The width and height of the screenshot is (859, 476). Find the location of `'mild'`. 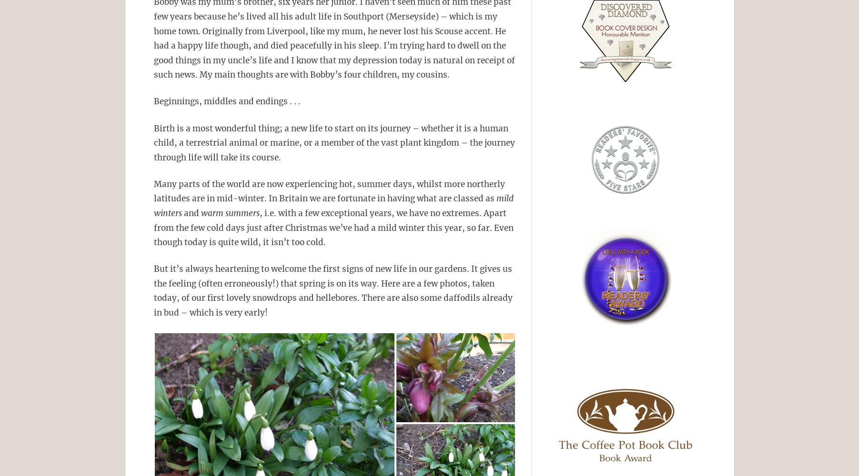

'mild' is located at coordinates (494, 198).